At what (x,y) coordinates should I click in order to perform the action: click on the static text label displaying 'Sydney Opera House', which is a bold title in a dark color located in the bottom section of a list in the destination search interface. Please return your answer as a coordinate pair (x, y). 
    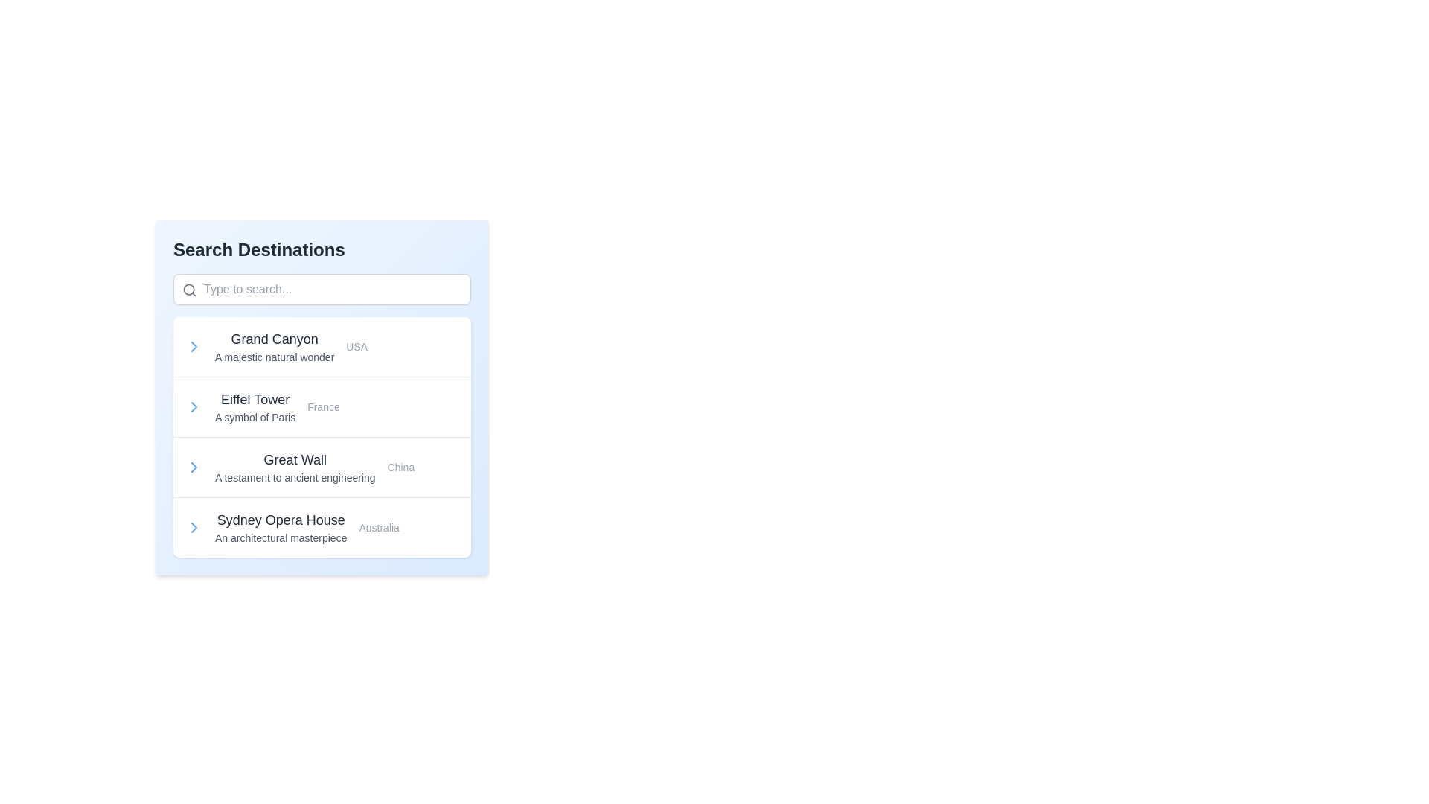
    Looking at the image, I should click on (281, 519).